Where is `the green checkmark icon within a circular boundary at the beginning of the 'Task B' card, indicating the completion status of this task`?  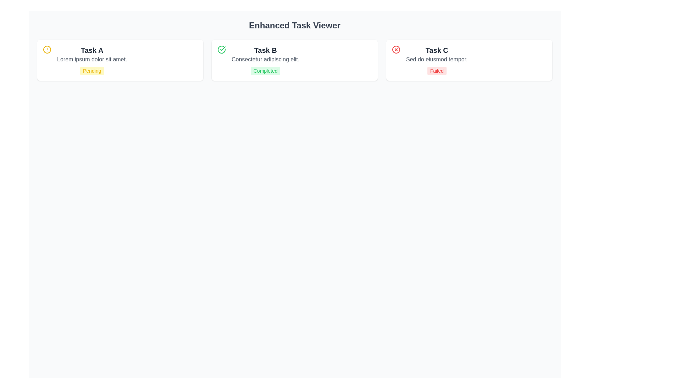
the green checkmark icon within a circular boundary at the beginning of the 'Task B' card, indicating the completion status of this task is located at coordinates (222, 48).